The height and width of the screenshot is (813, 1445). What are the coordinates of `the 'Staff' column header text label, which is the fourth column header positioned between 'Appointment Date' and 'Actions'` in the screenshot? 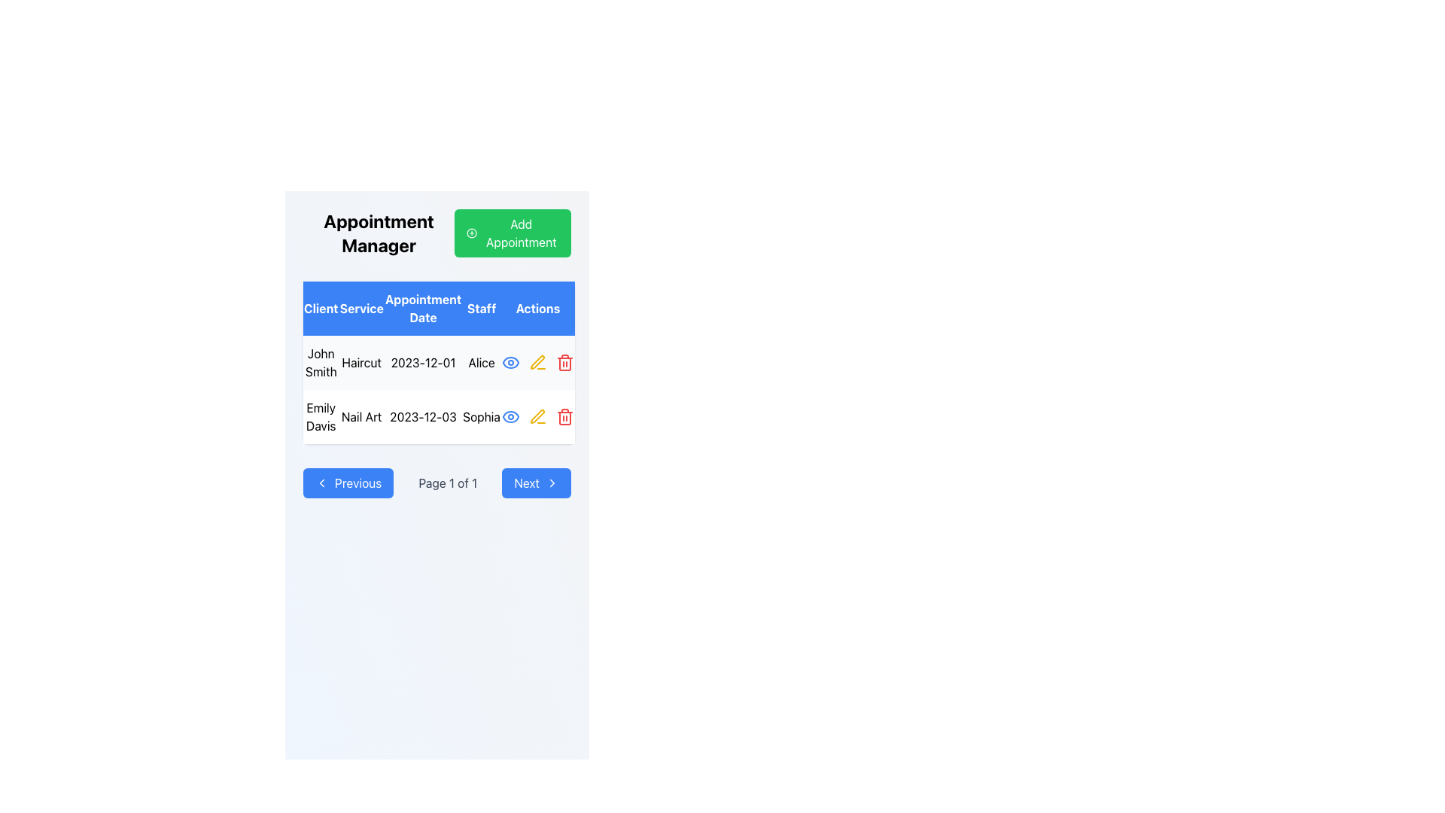 It's located at (482, 307).